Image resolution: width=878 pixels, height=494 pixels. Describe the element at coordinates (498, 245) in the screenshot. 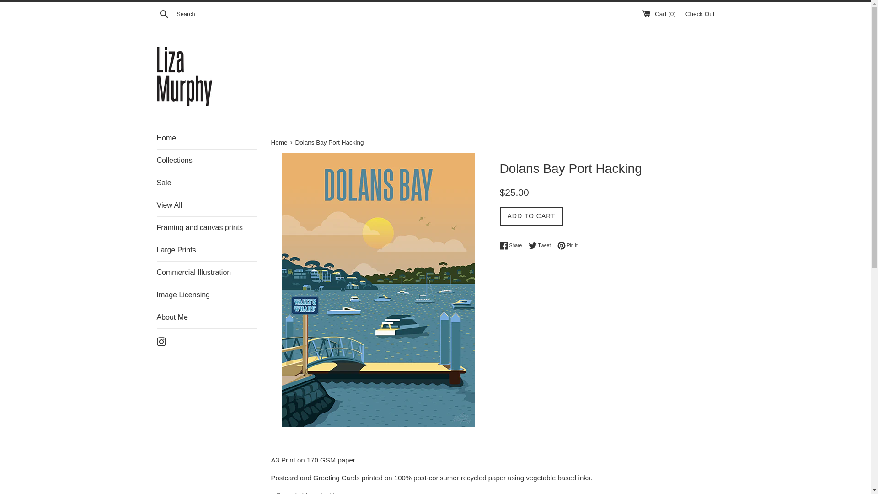

I see `'Share` at that location.